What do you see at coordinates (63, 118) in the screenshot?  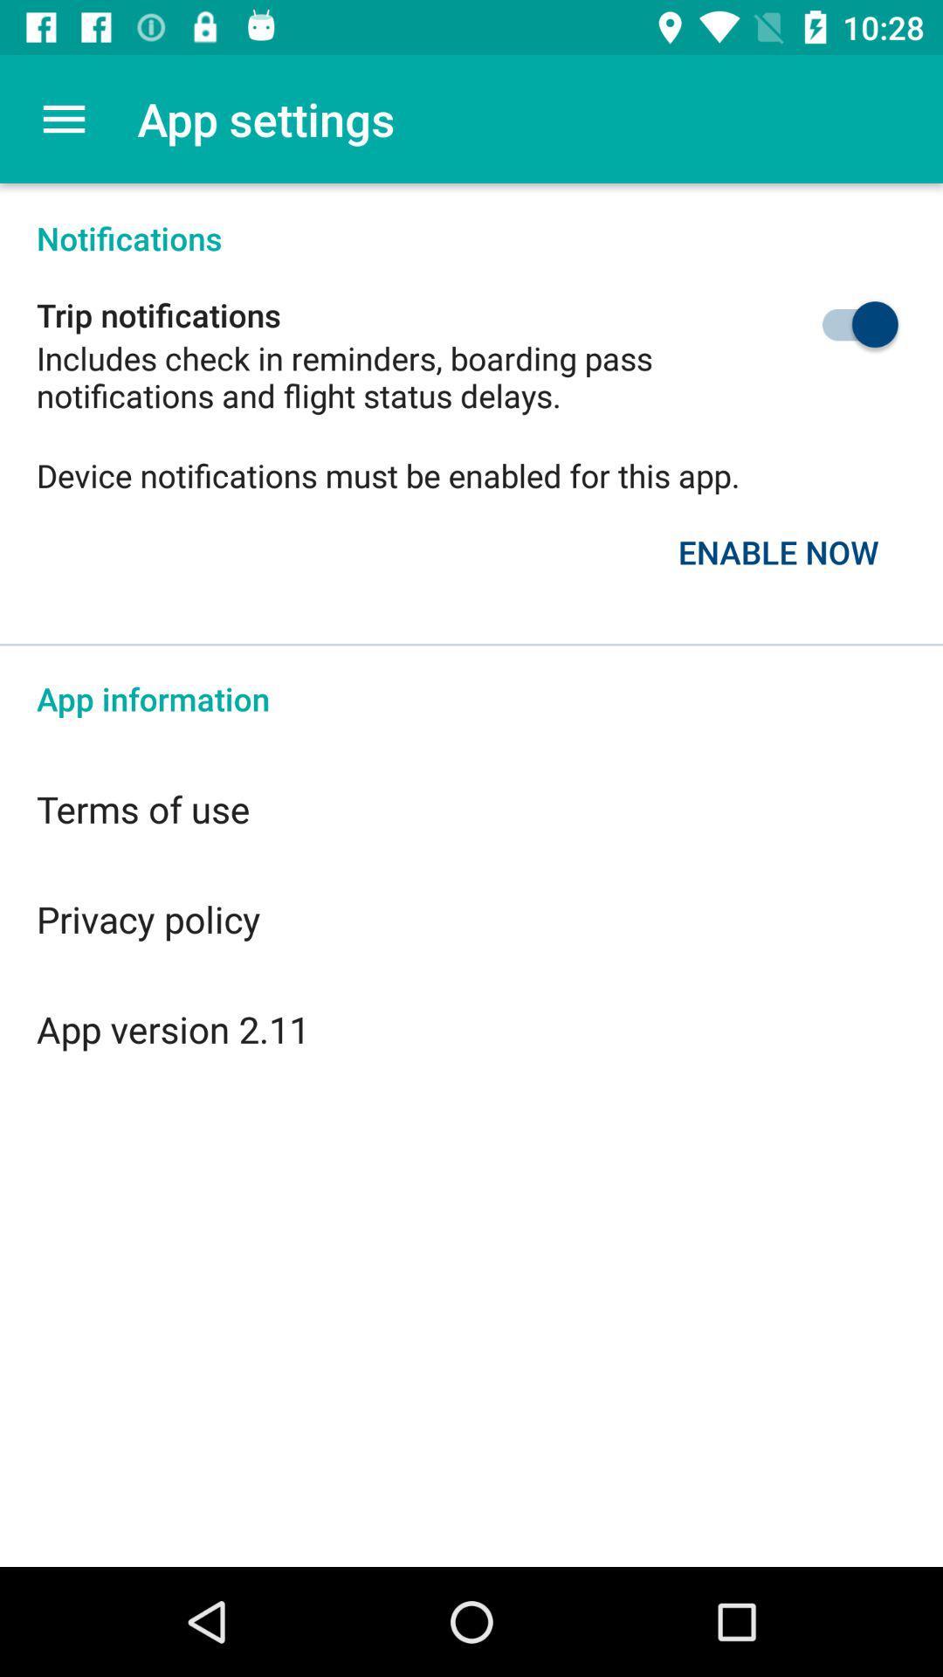 I see `the item above the notifications icon` at bounding box center [63, 118].